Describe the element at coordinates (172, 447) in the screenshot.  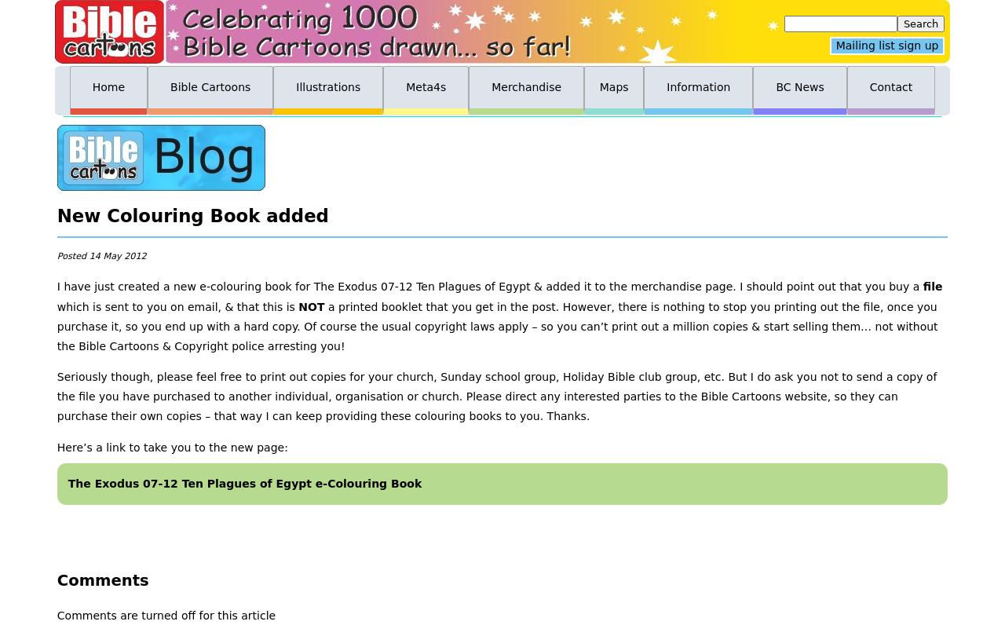
I see `'Here’s a link to take you to the new page:'` at that location.